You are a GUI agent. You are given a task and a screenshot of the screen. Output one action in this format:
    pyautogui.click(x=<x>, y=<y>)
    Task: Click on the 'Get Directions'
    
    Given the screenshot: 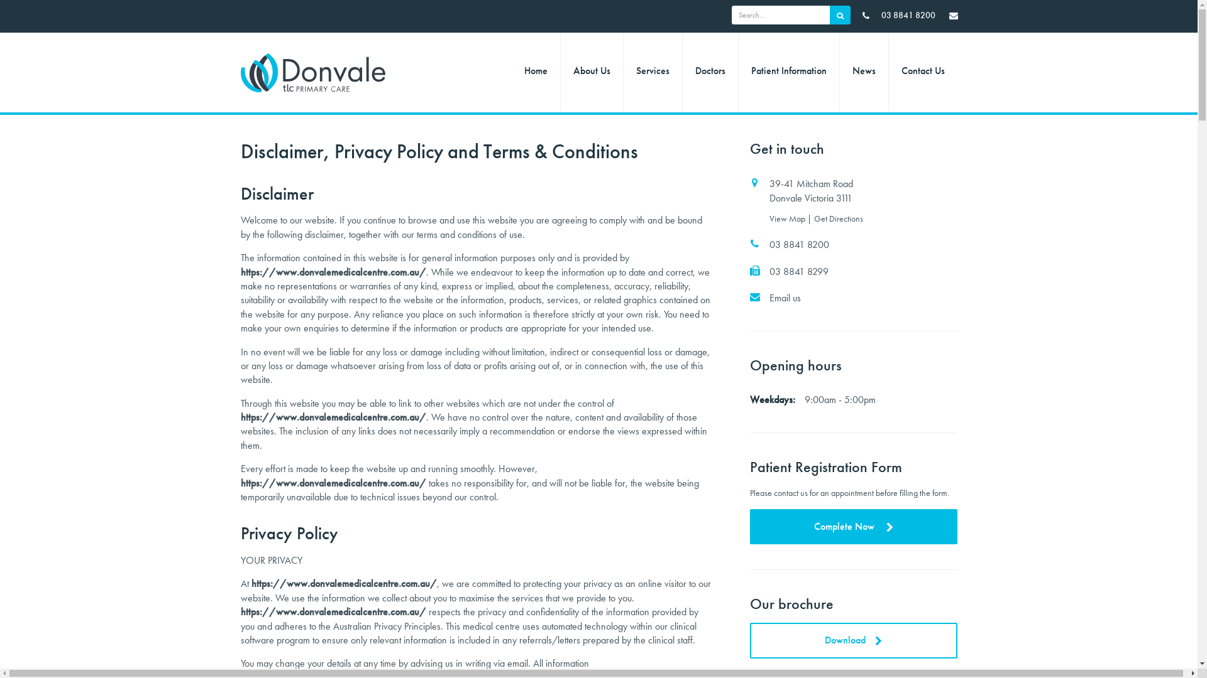 What is the action you would take?
    pyautogui.click(x=814, y=217)
    